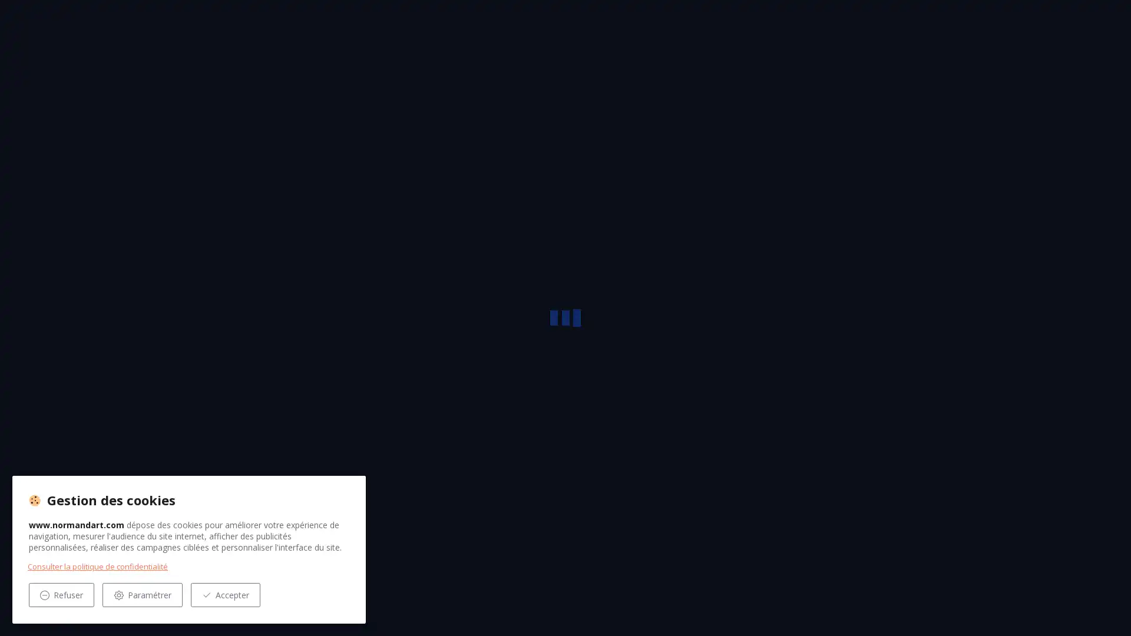 This screenshot has width=1131, height=636. I want to click on Accepter, so click(225, 595).